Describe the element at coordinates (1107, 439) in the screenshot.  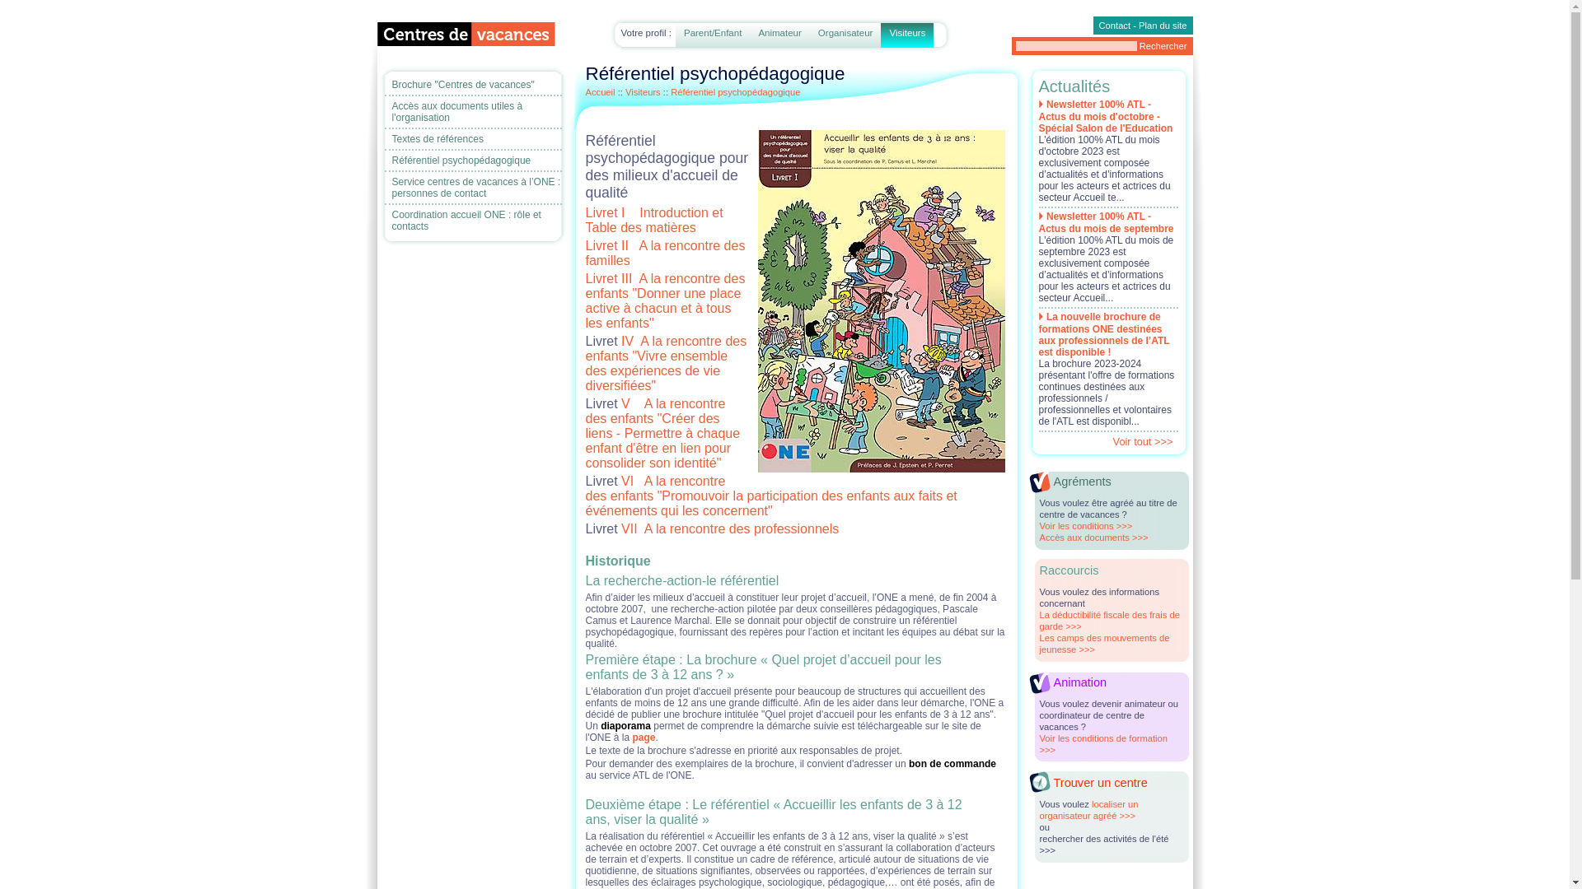
I see `'Voir tout >>>'` at that location.